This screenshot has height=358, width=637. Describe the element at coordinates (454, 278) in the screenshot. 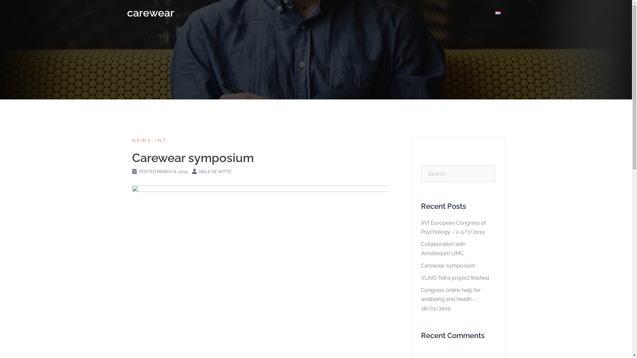

I see `'VLAIO Tetra project finished'` at that location.